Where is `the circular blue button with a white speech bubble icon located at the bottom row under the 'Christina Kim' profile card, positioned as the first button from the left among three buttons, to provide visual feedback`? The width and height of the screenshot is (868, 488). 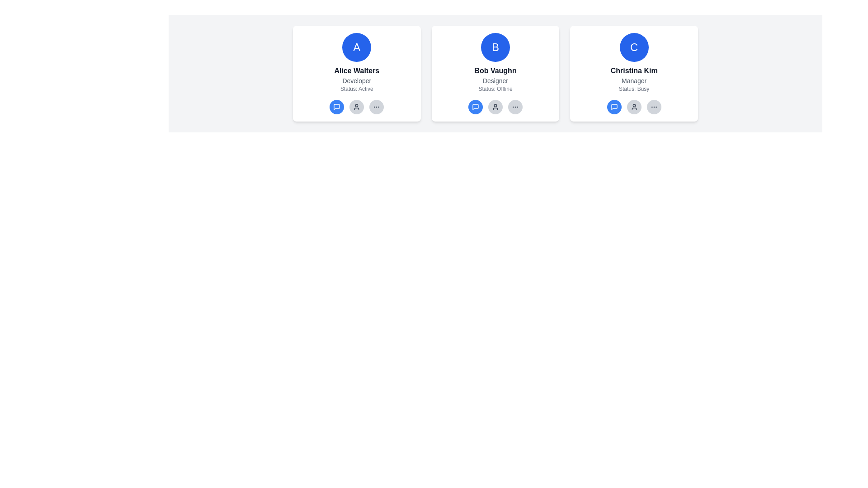
the circular blue button with a white speech bubble icon located at the bottom row under the 'Christina Kim' profile card, positioned as the first button from the left among three buttons, to provide visual feedback is located at coordinates (614, 106).